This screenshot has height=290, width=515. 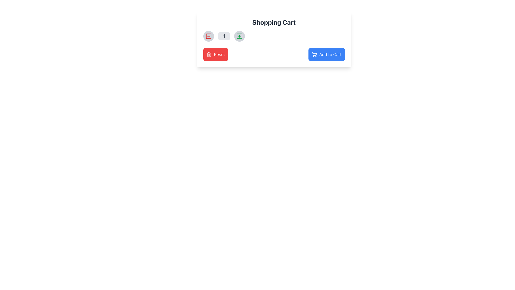 What do you see at coordinates (314, 54) in the screenshot?
I see `the graphic representation of the shopping cart icon, specifically focusing on the main basket area which is outlined by a linear design` at bounding box center [314, 54].